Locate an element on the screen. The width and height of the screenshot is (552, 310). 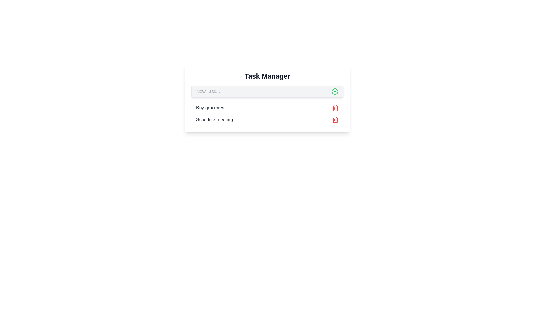
the red trash icon button is located at coordinates (335, 108).